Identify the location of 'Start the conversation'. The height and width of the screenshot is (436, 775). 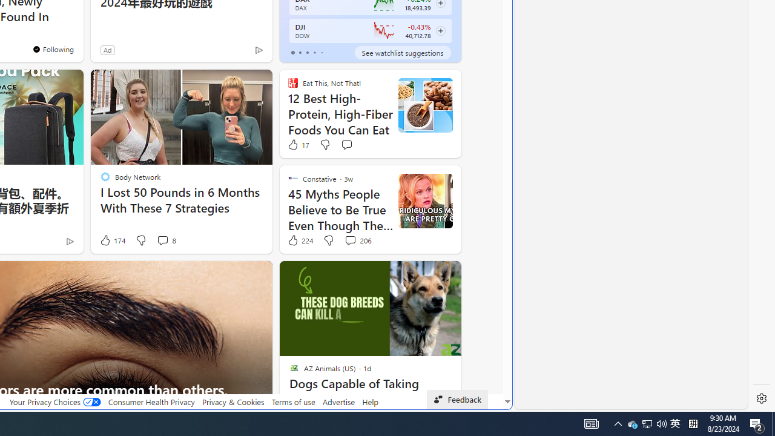
(346, 144).